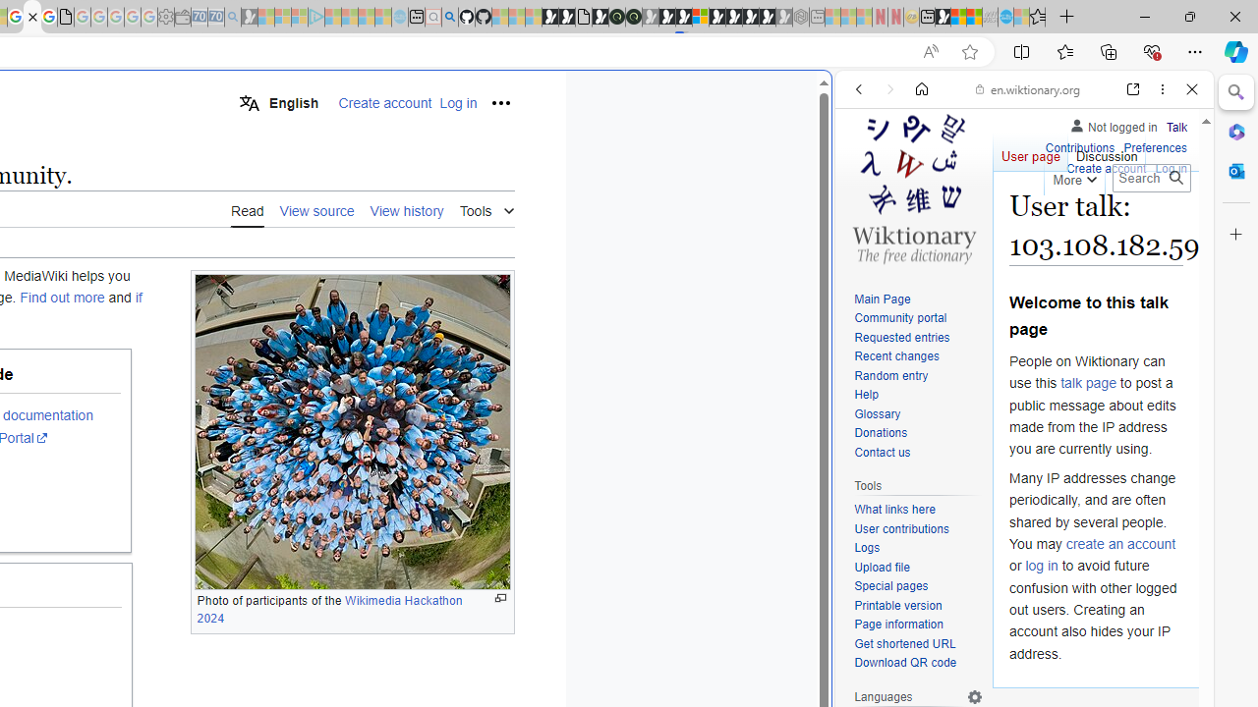  What do you see at coordinates (900, 336) in the screenshot?
I see `'Requested entries'` at bounding box center [900, 336].